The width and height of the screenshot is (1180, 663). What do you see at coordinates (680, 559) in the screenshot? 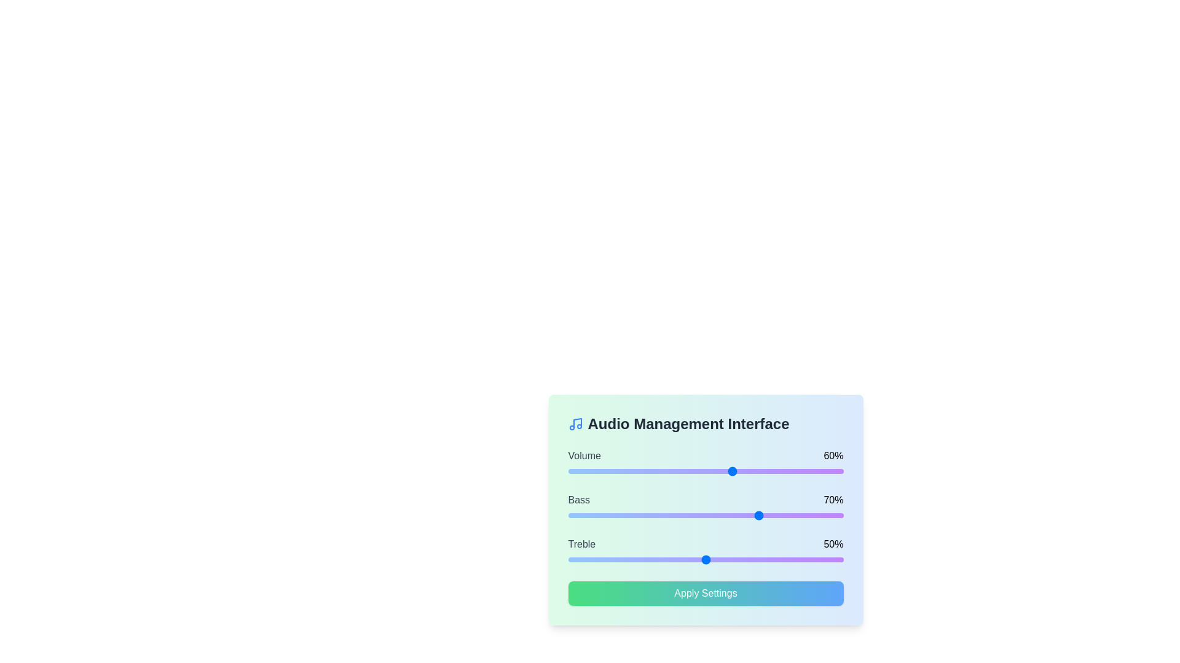
I see `the treble level` at bounding box center [680, 559].